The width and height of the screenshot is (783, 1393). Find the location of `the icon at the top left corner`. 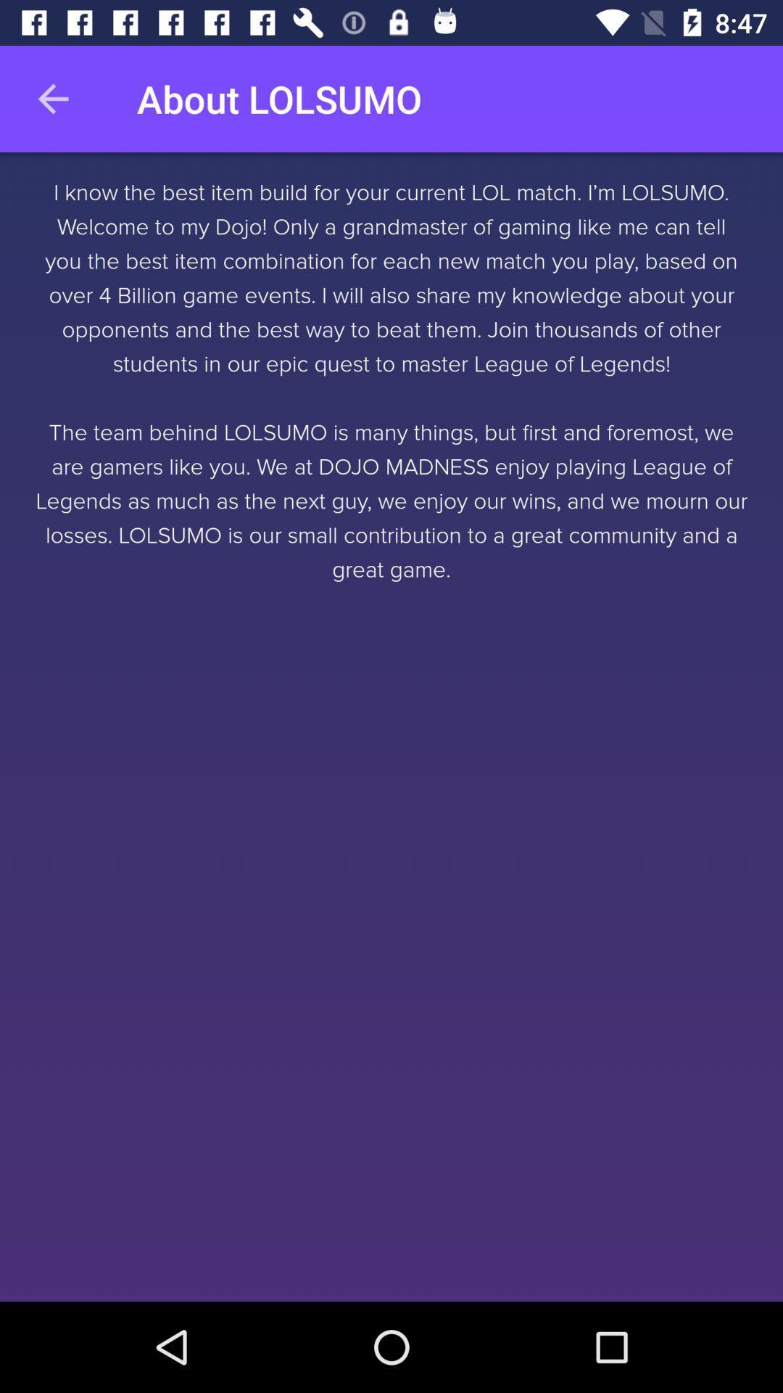

the icon at the top left corner is located at coordinates (52, 98).